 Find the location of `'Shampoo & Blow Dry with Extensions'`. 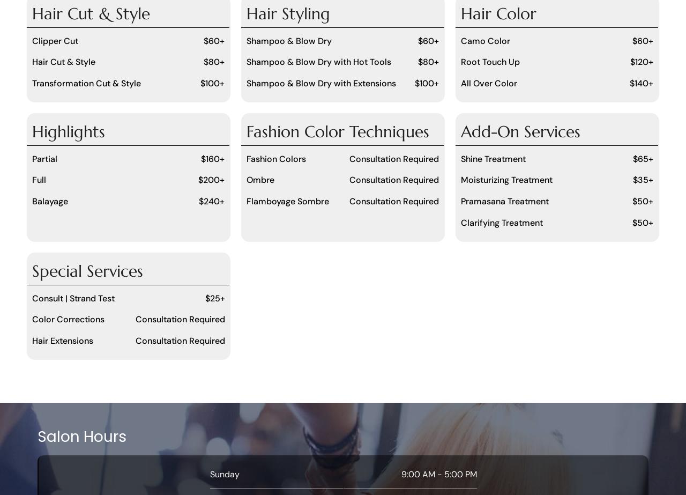

'Shampoo & Blow Dry with Extensions' is located at coordinates (320, 83).